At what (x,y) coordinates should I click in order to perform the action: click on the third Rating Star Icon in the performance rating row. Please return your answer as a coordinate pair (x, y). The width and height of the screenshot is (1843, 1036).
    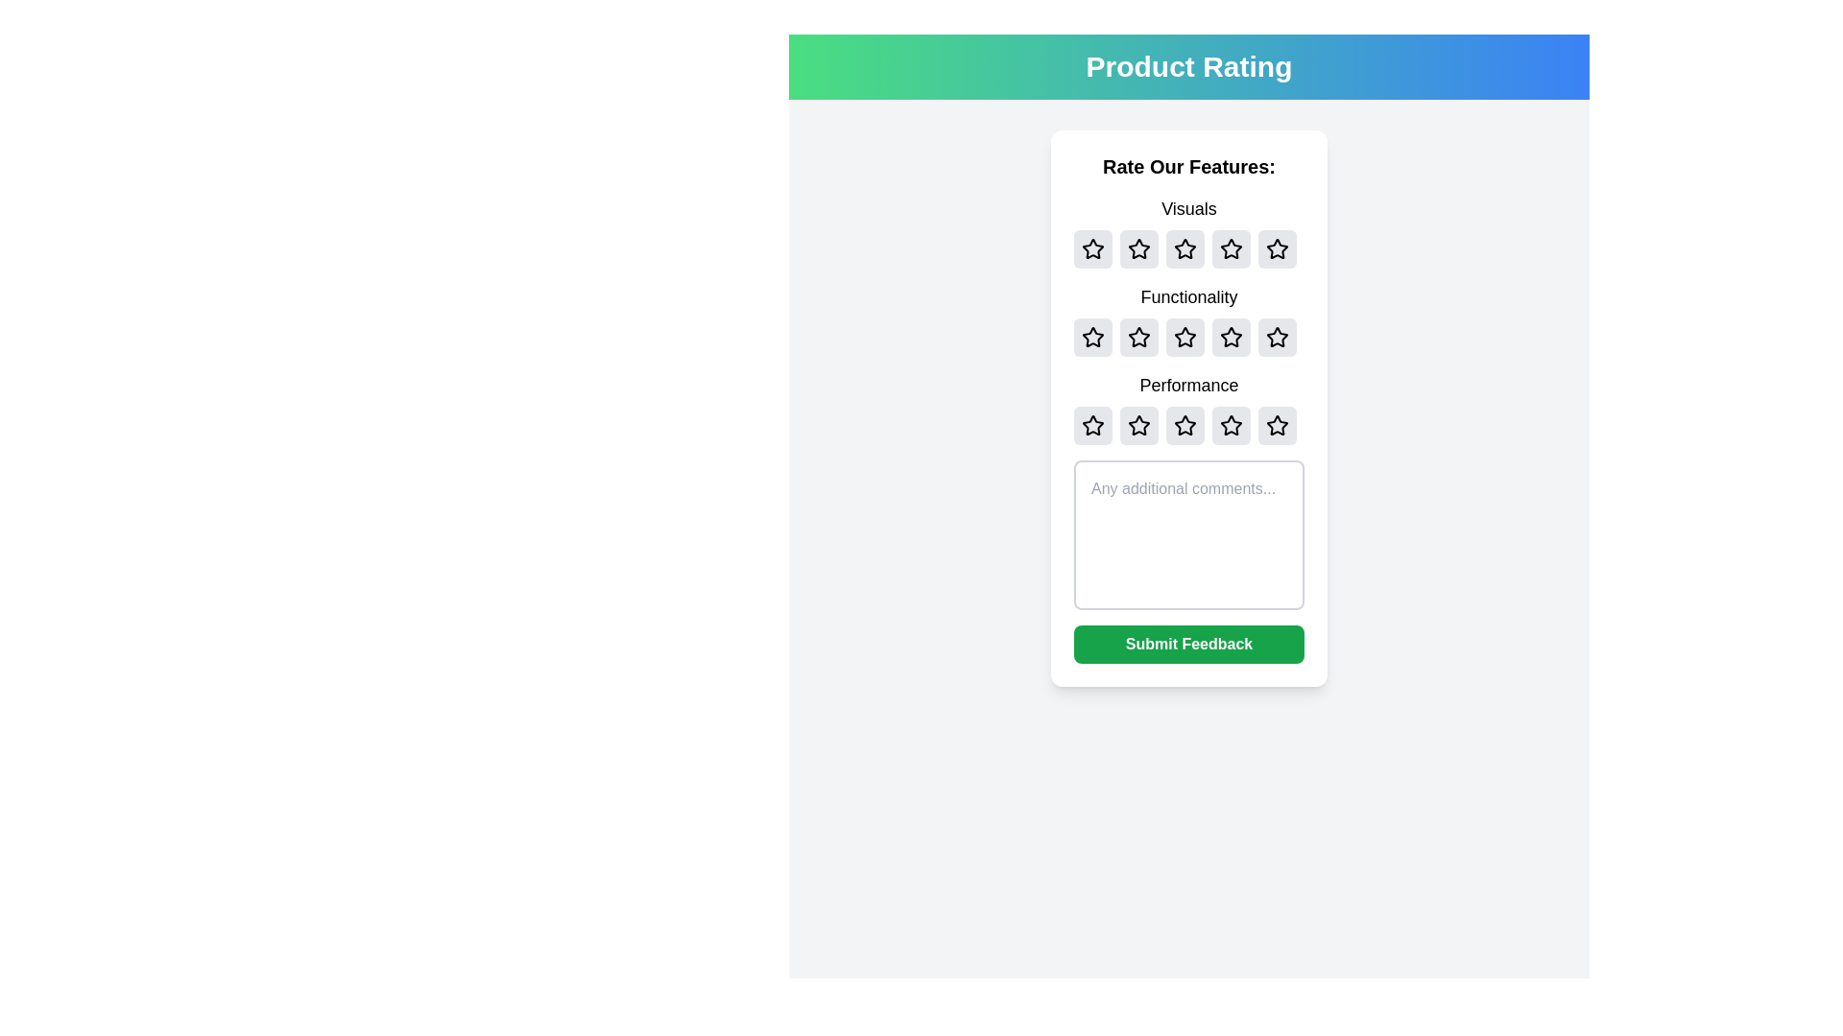
    Looking at the image, I should click on (1138, 424).